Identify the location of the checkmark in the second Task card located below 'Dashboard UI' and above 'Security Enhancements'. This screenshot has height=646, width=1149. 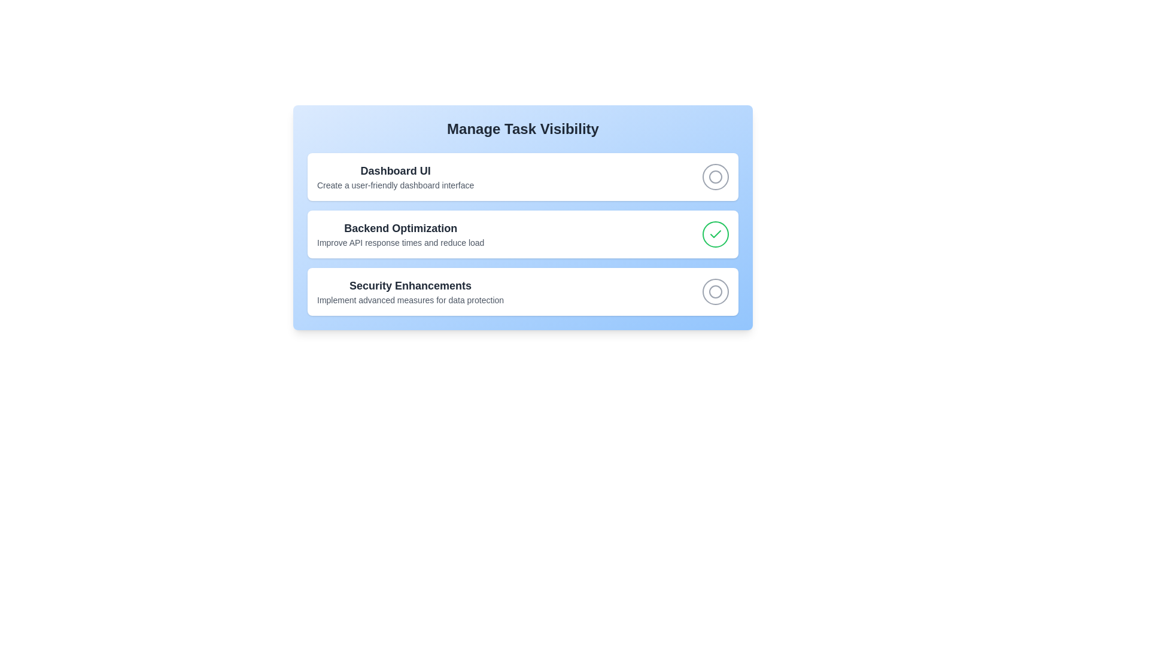
(522, 217).